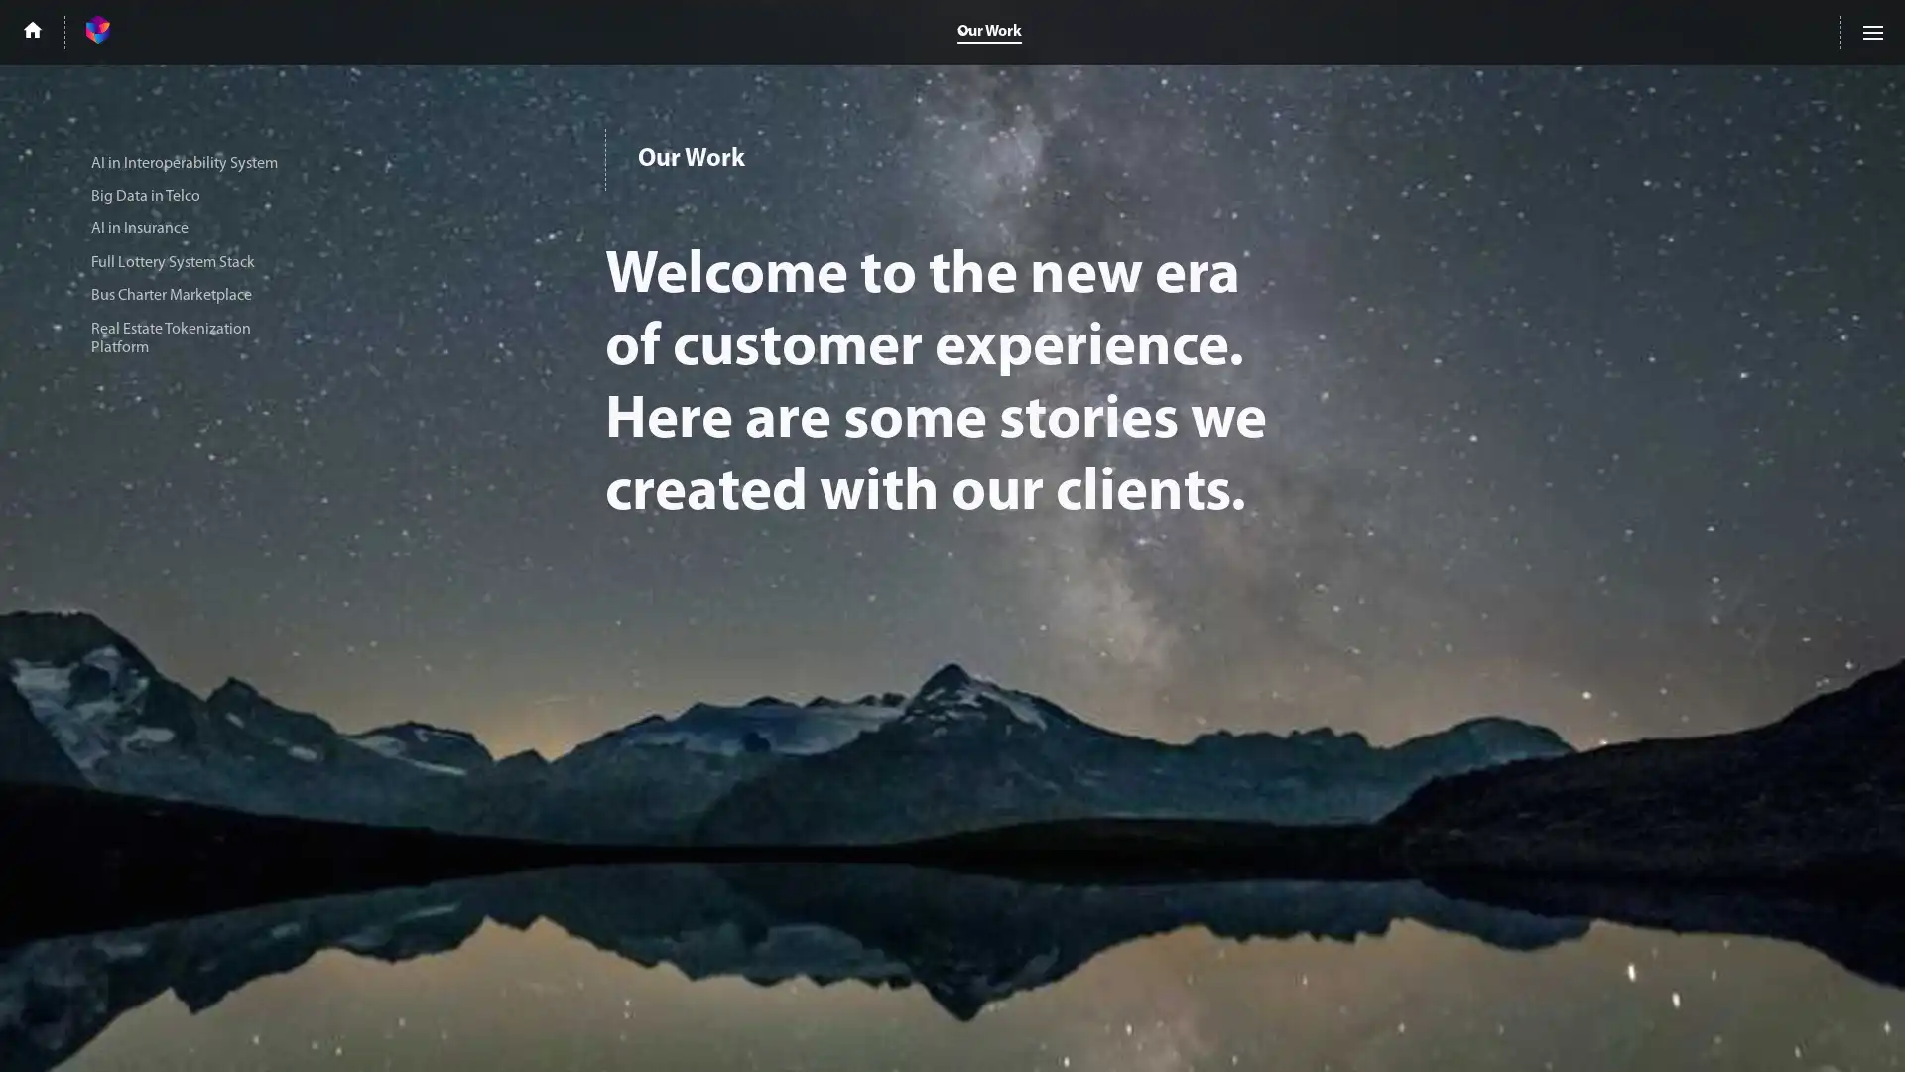 This screenshot has height=1072, width=1905. What do you see at coordinates (1779, 1029) in the screenshot?
I see `HIDE` at bounding box center [1779, 1029].